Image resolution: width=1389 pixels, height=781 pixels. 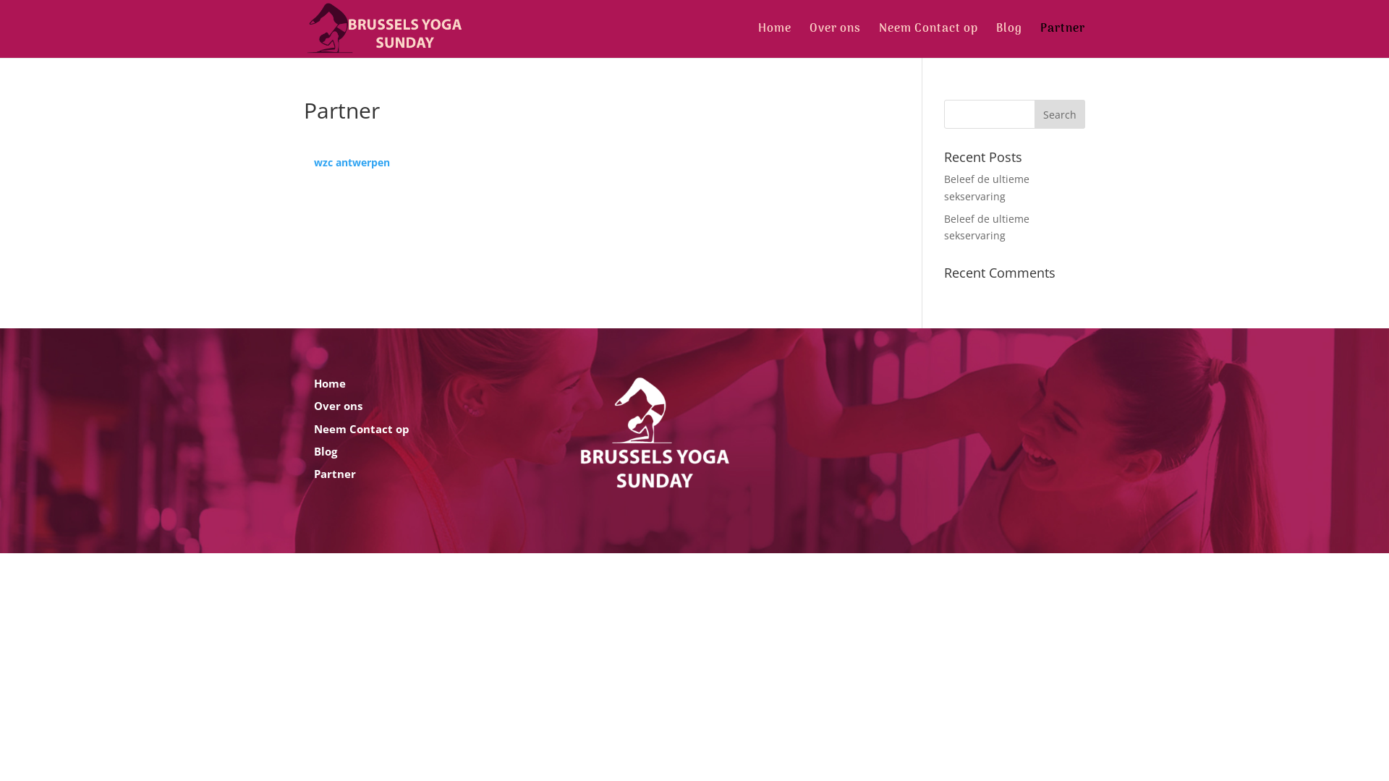 I want to click on 'Search', so click(x=1059, y=114).